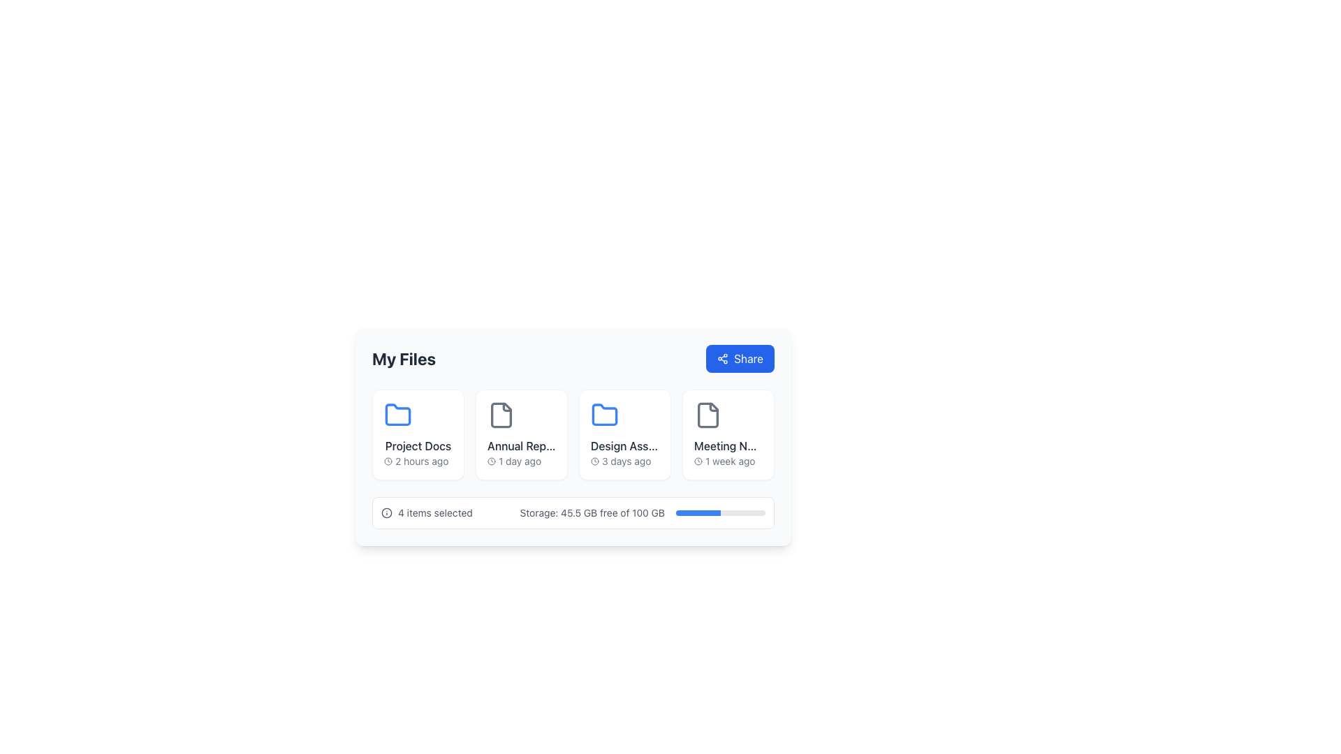 The height and width of the screenshot is (754, 1341). I want to click on the text label 'Meeting Notes.docx' which is styled with a medium font weight and gray color, located at the center of the fourth card in the 'My Files' section, so click(727, 446).